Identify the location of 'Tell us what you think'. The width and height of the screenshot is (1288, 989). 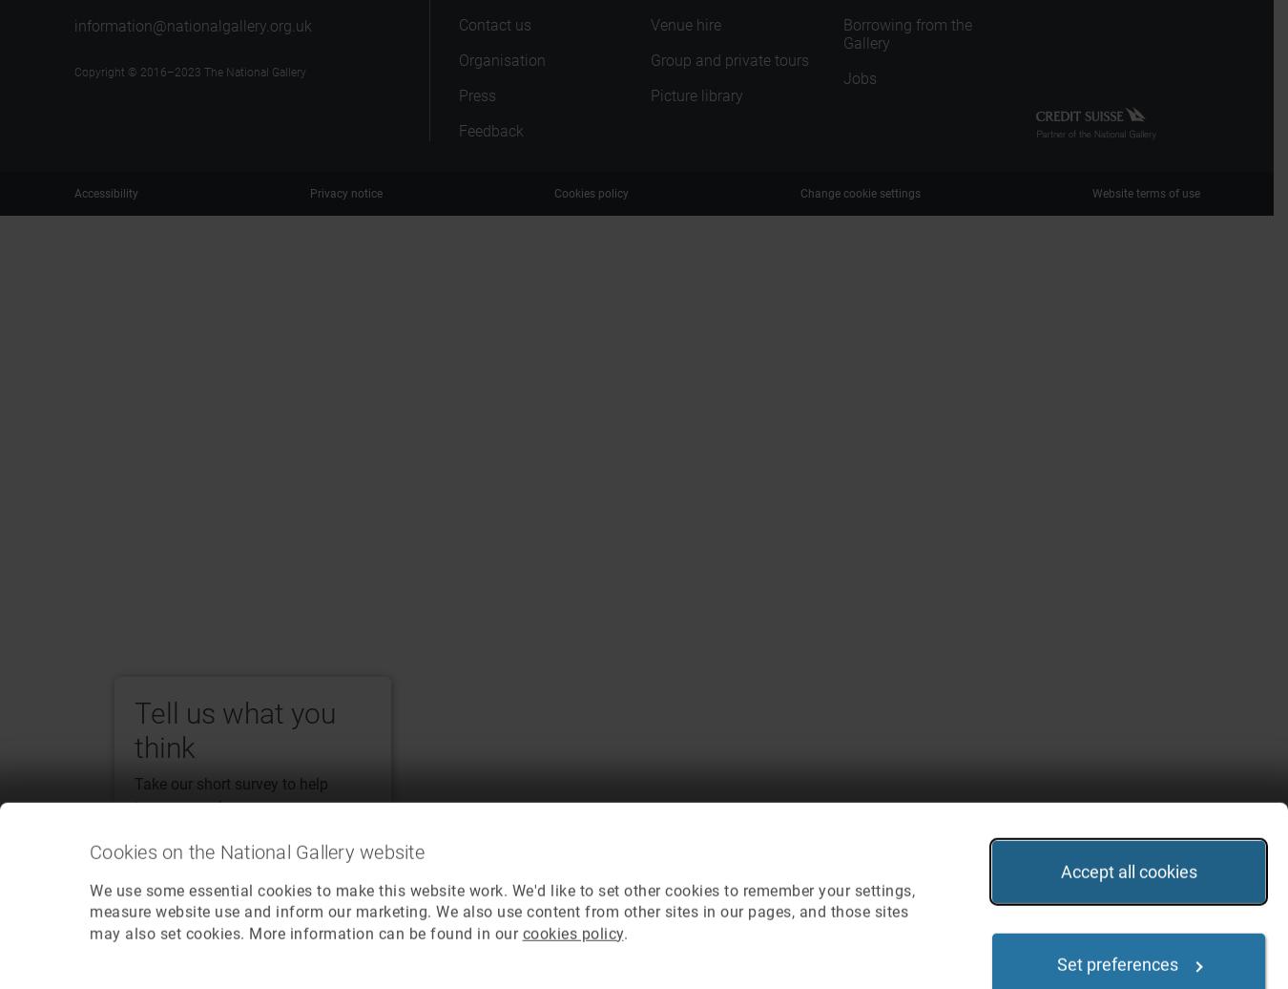
(234, 730).